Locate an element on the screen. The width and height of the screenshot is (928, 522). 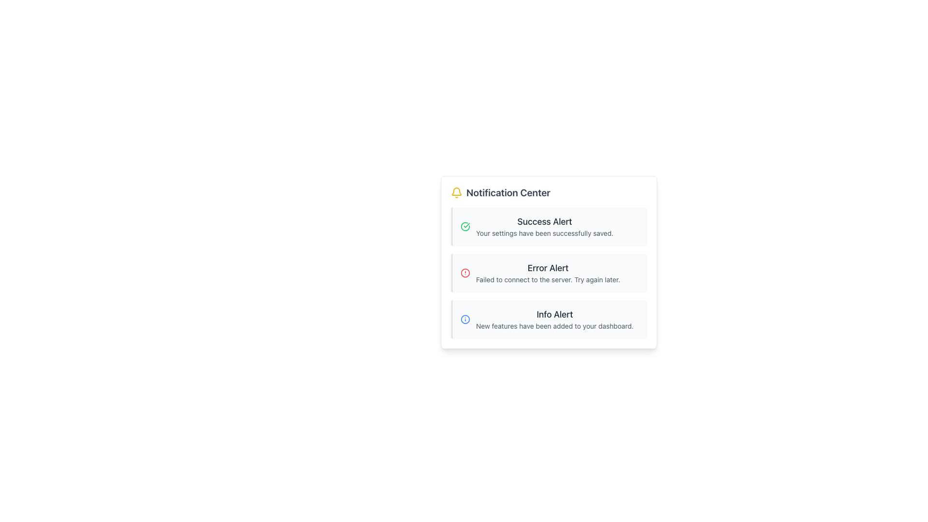
the text block that displays 'New features have been added to your dashboard.' located in the 'Info Alert' section beneath the heading 'Info Alert' is located at coordinates (554, 326).